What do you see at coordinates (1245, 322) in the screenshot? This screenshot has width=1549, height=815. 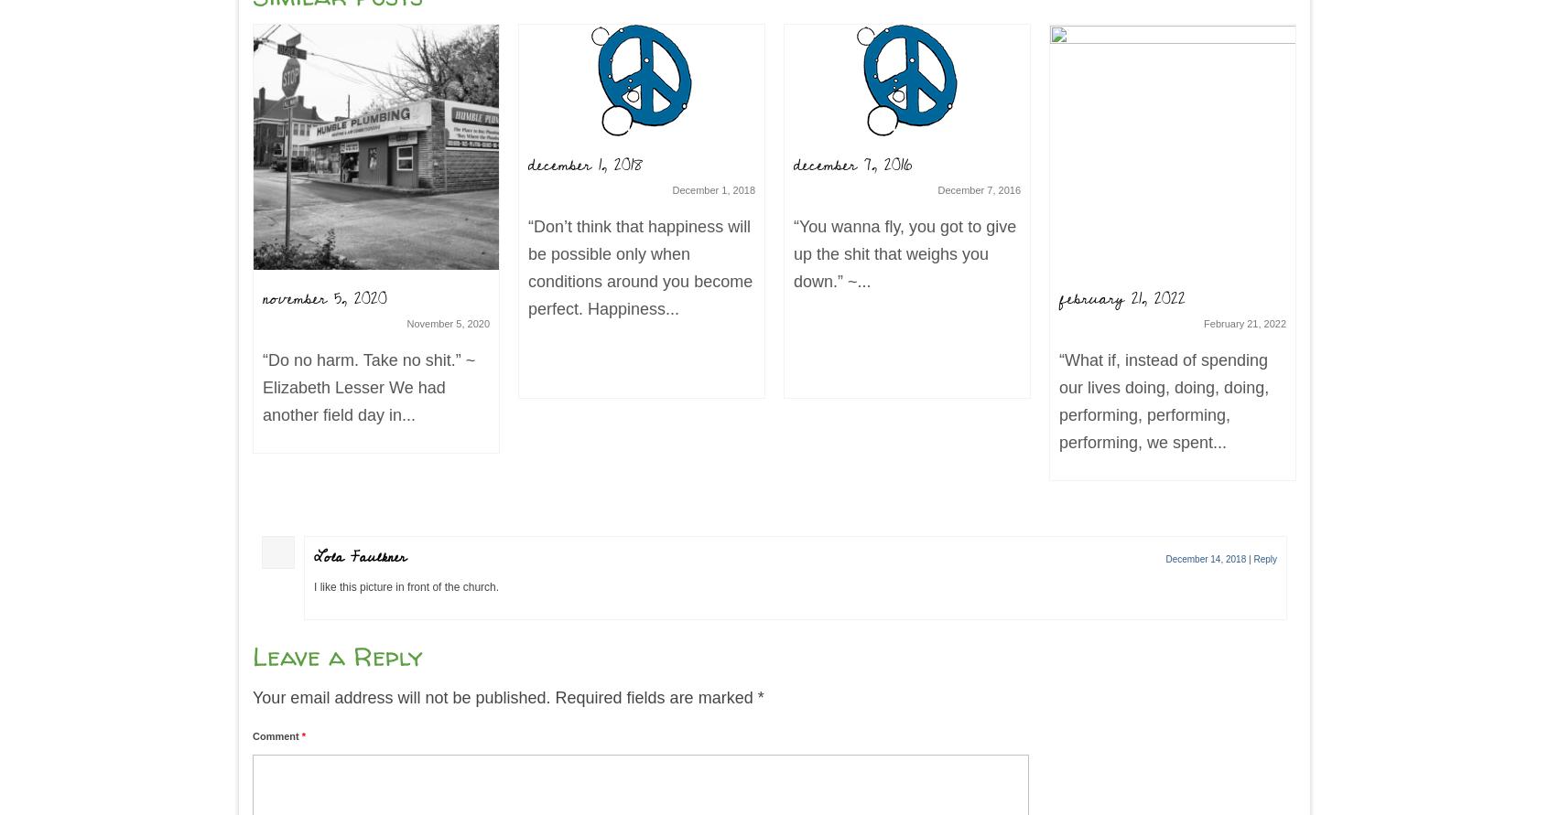 I see `'February 21, 2022'` at bounding box center [1245, 322].